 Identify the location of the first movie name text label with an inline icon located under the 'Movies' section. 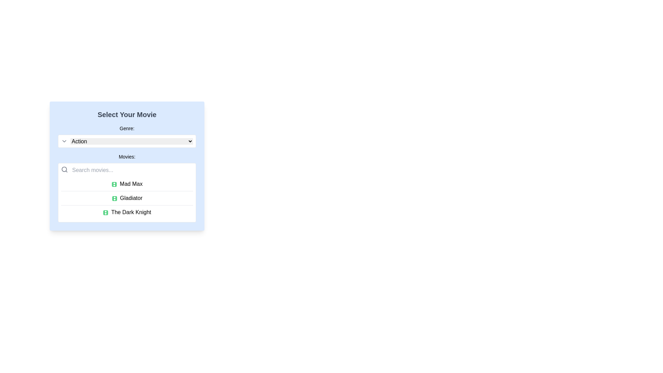
(127, 183).